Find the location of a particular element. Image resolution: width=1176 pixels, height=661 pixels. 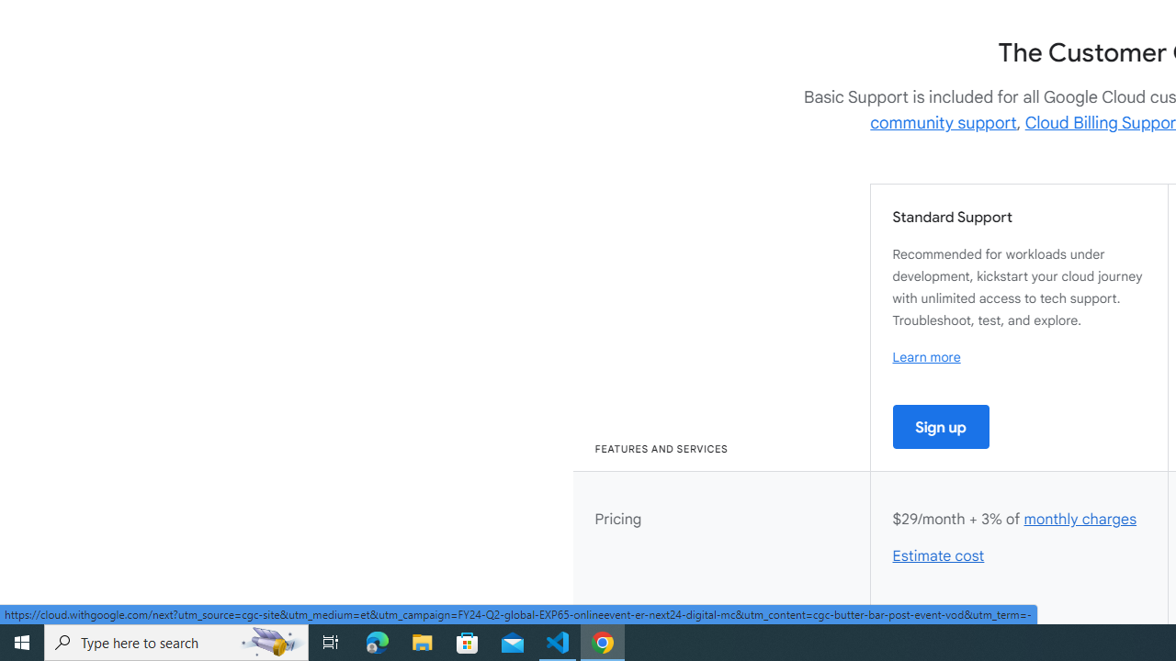

'monthly charges' is located at coordinates (1080, 519).